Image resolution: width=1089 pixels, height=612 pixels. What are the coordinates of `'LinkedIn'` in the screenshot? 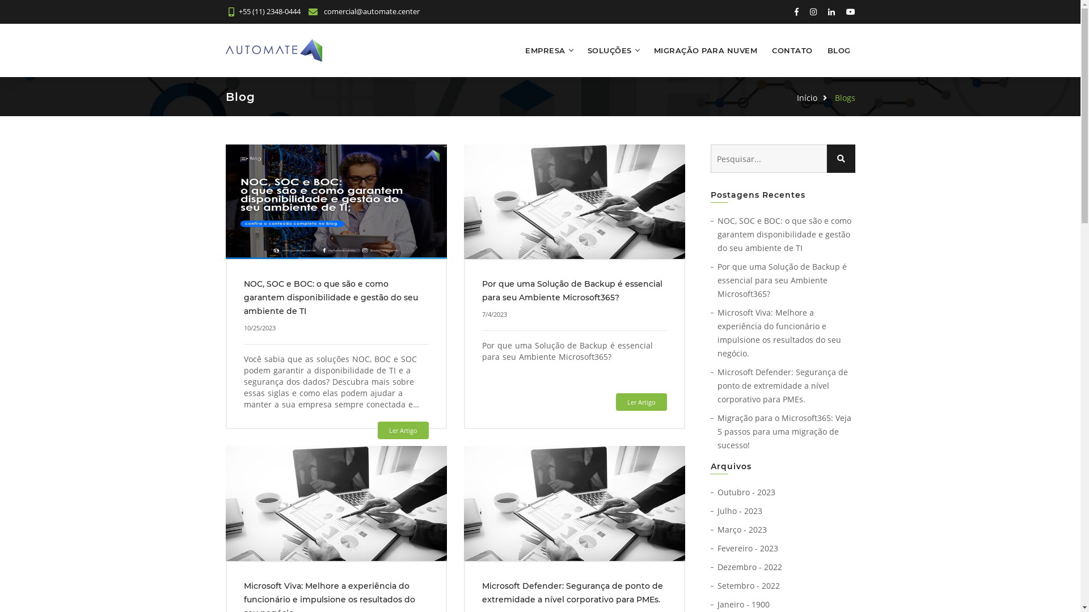 It's located at (825, 11).